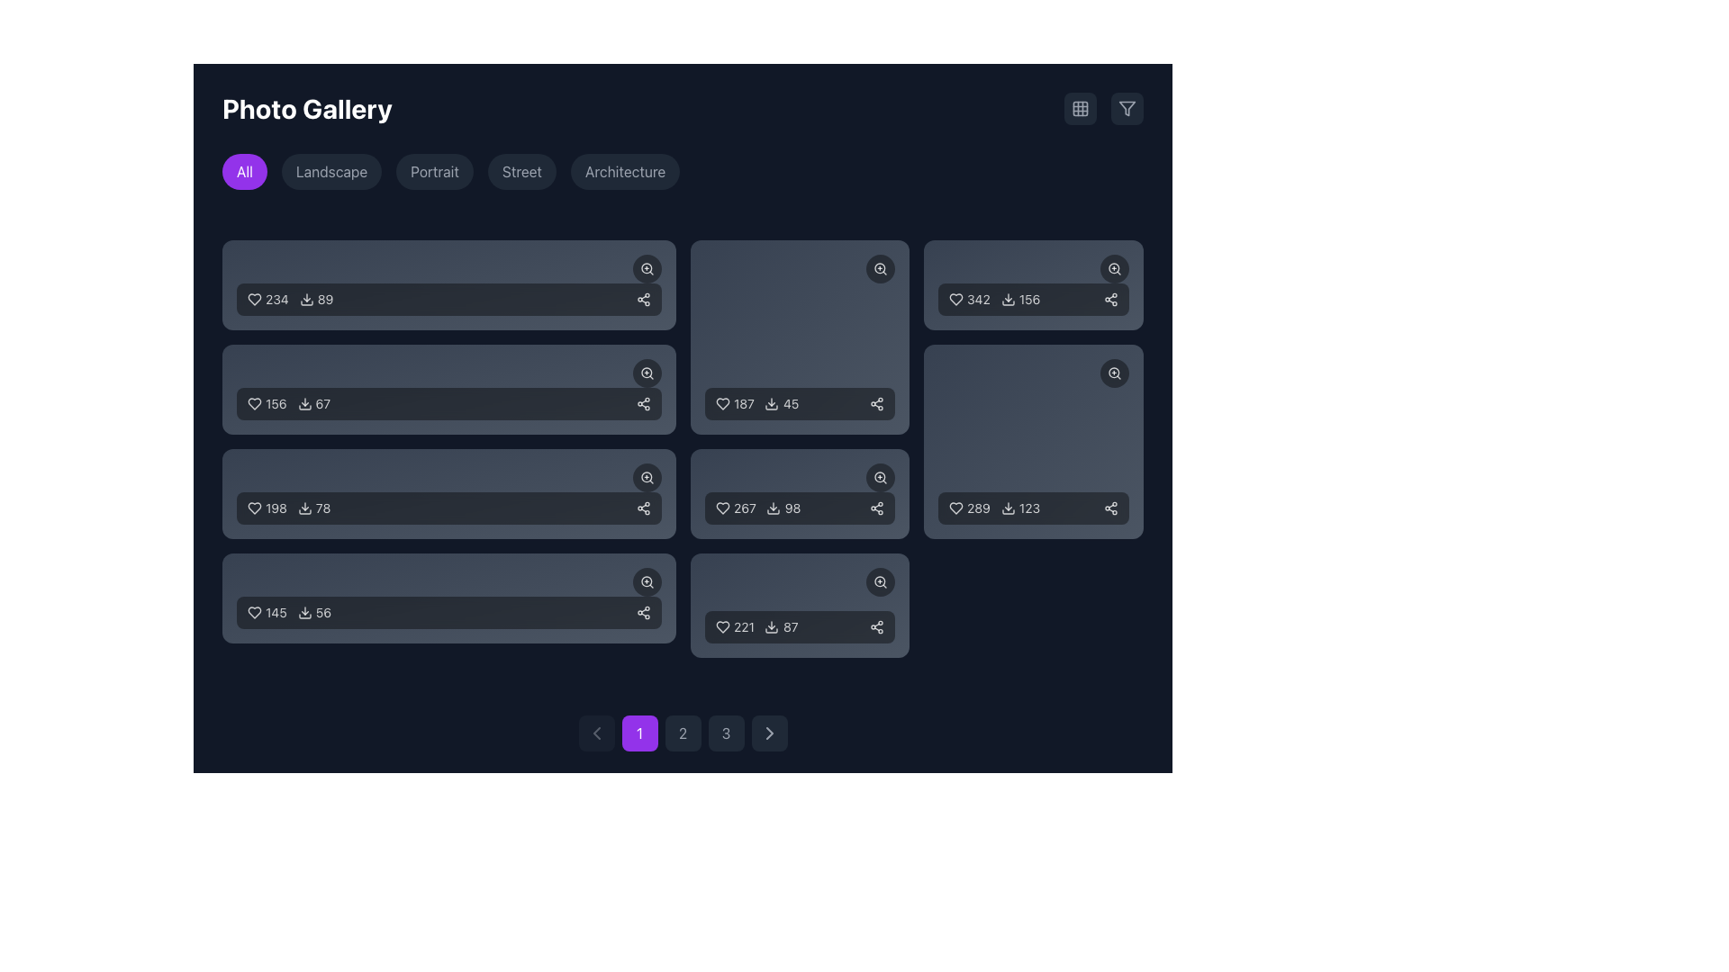 This screenshot has width=1729, height=972. What do you see at coordinates (1114, 373) in the screenshot?
I see `the zoom-in button located in the top-right corner of the blank placeholder card in the last column of the third row of the grid layout` at bounding box center [1114, 373].